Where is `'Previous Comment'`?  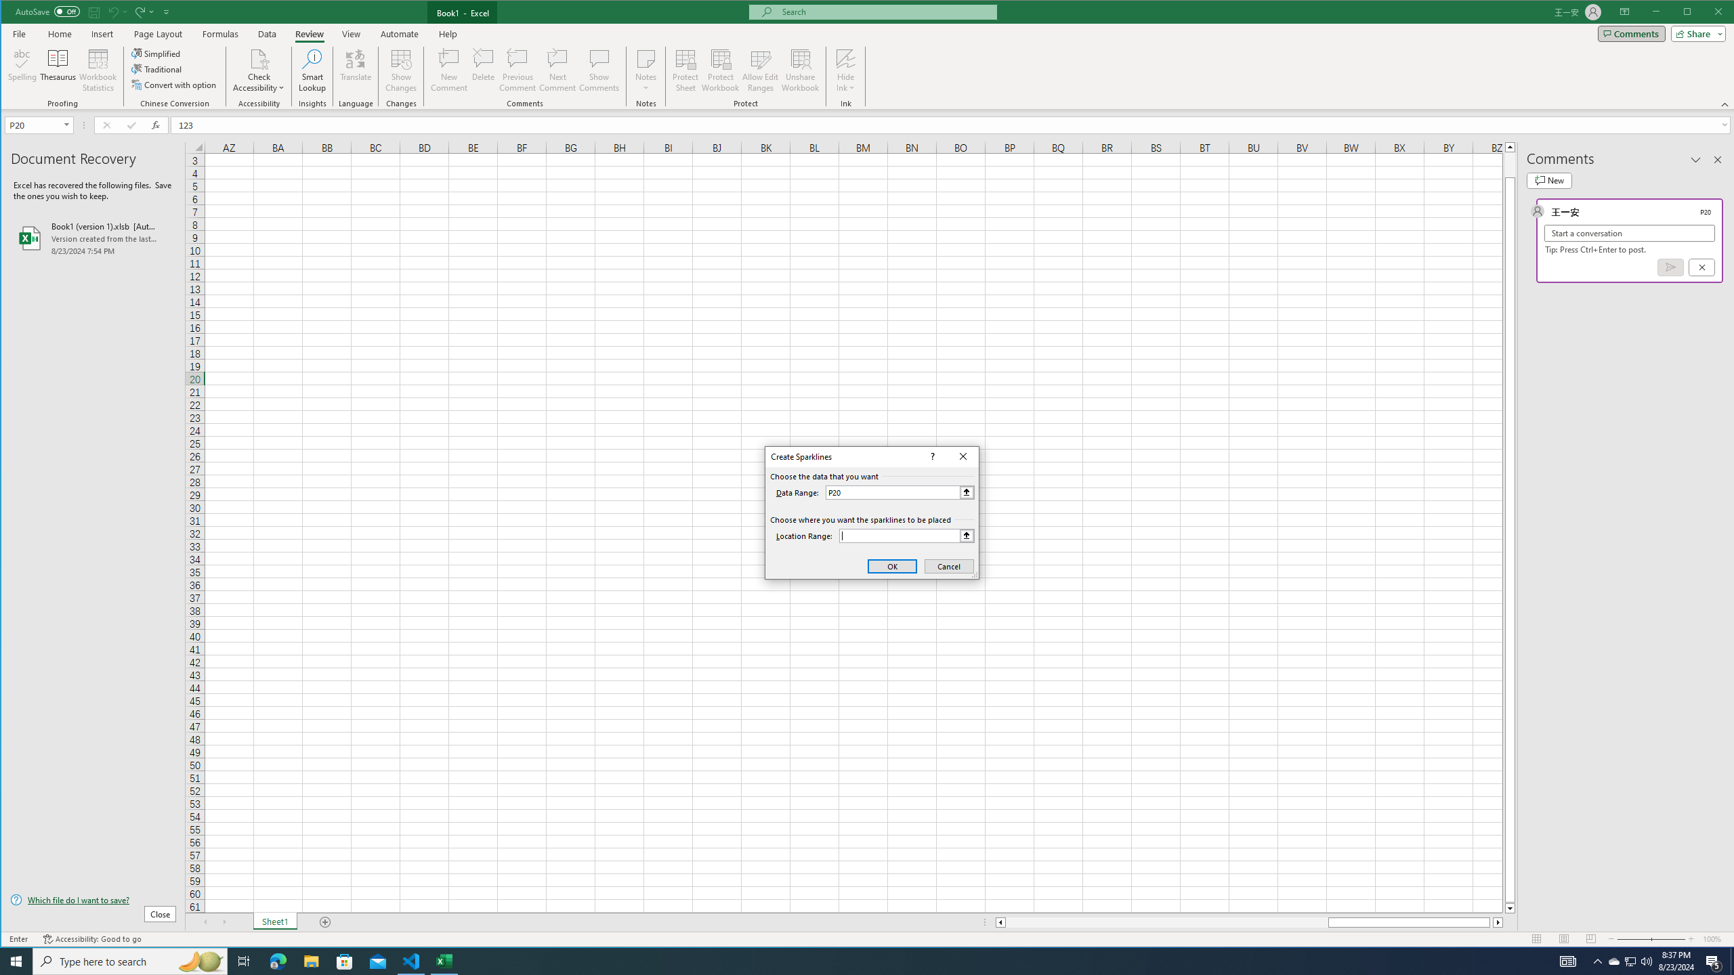
'Previous Comment' is located at coordinates (517, 70).